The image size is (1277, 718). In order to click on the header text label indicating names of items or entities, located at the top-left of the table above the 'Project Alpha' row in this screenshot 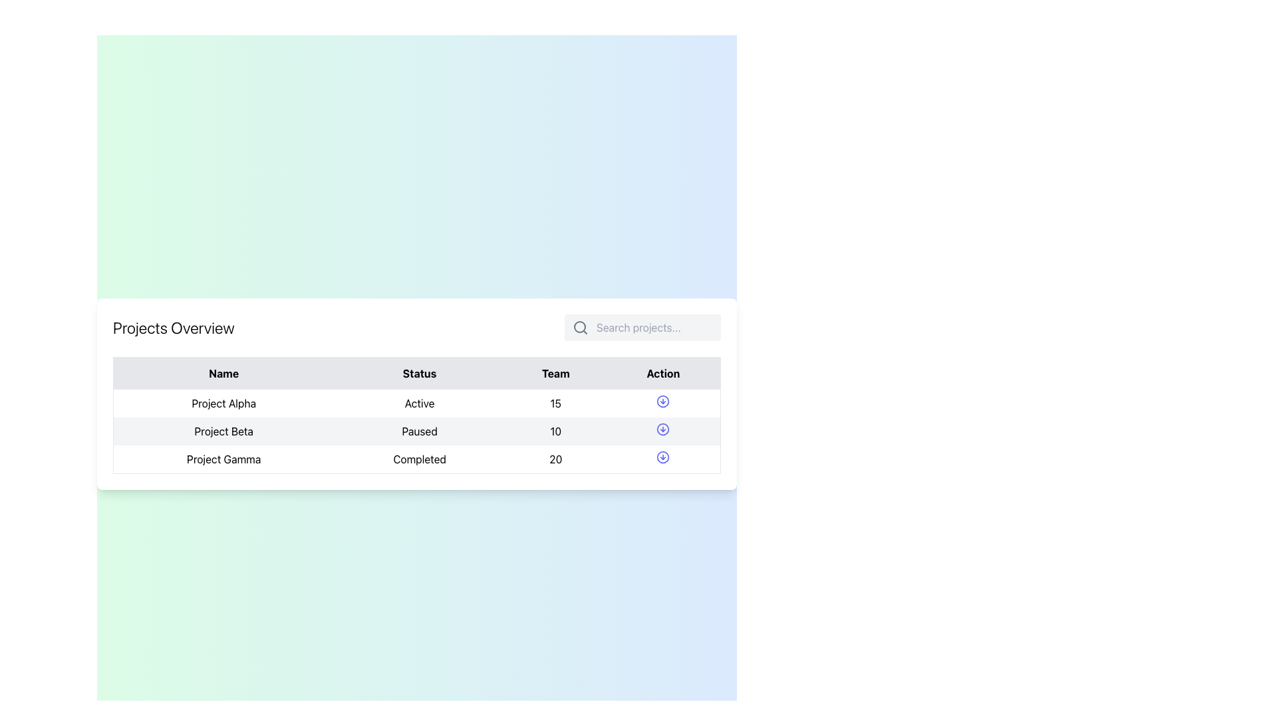, I will do `click(223, 373)`.